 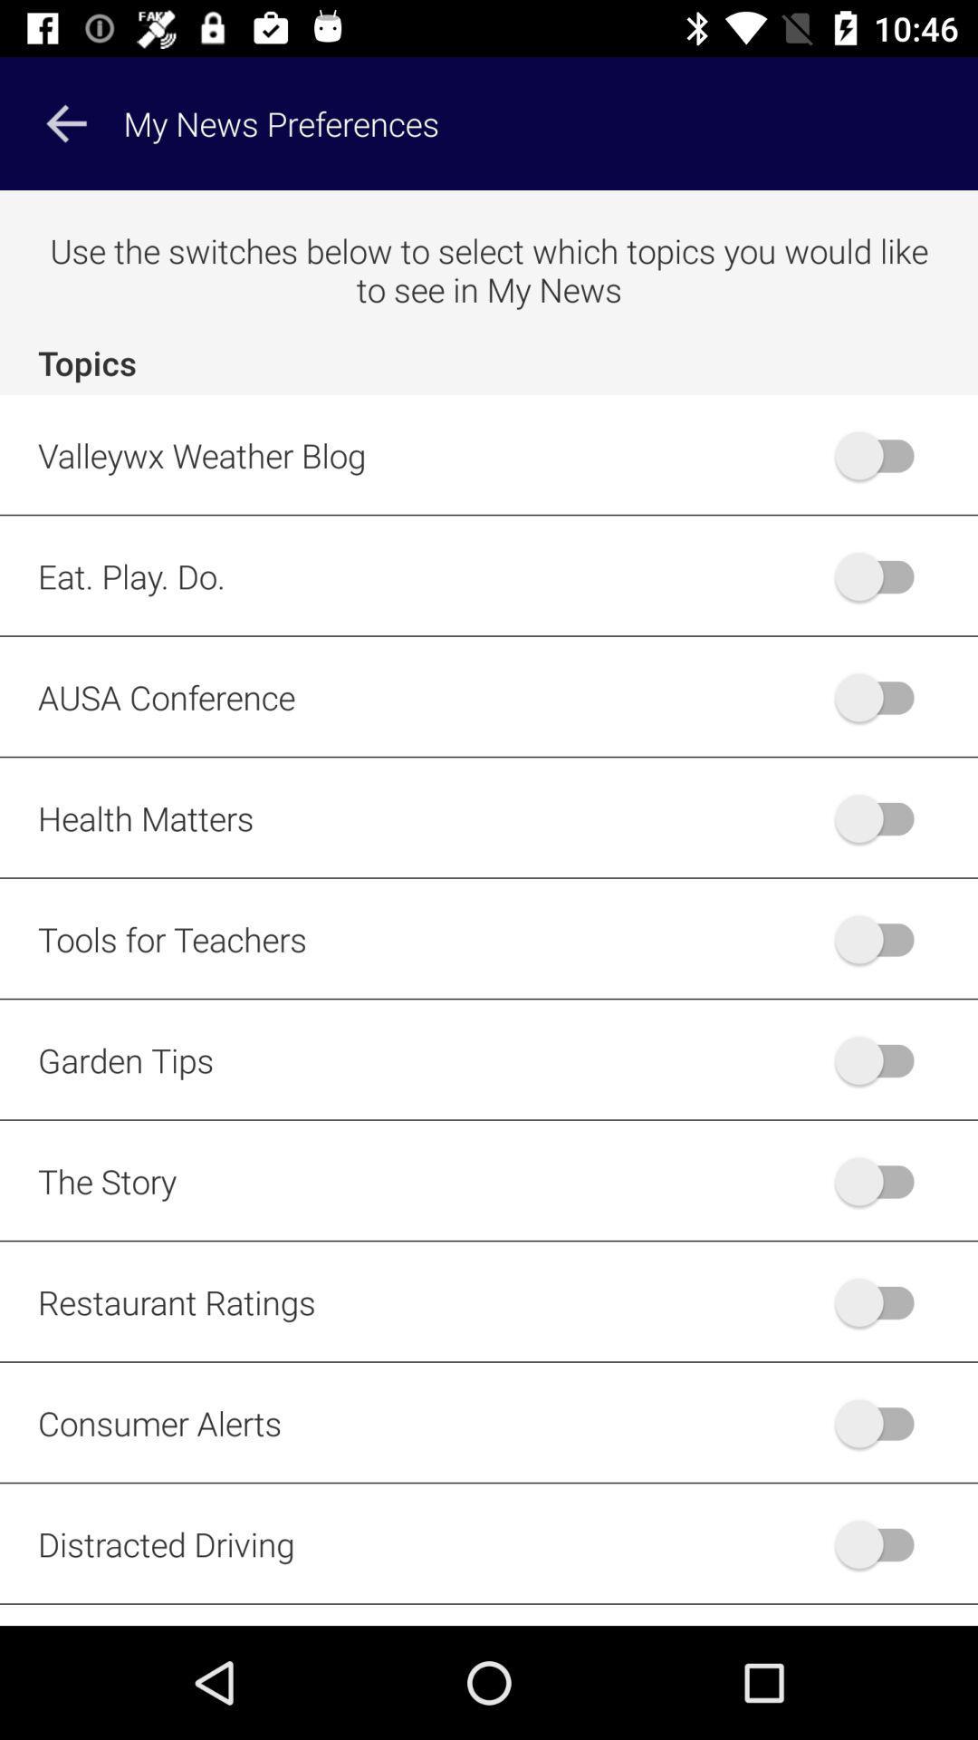 I want to click on turn the consumer alerts on, so click(x=882, y=1422).